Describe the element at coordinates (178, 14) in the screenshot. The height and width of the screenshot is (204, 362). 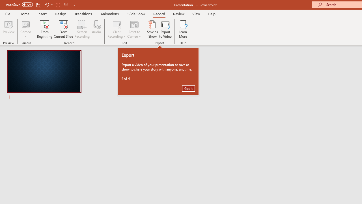
I see `'Review'` at that location.